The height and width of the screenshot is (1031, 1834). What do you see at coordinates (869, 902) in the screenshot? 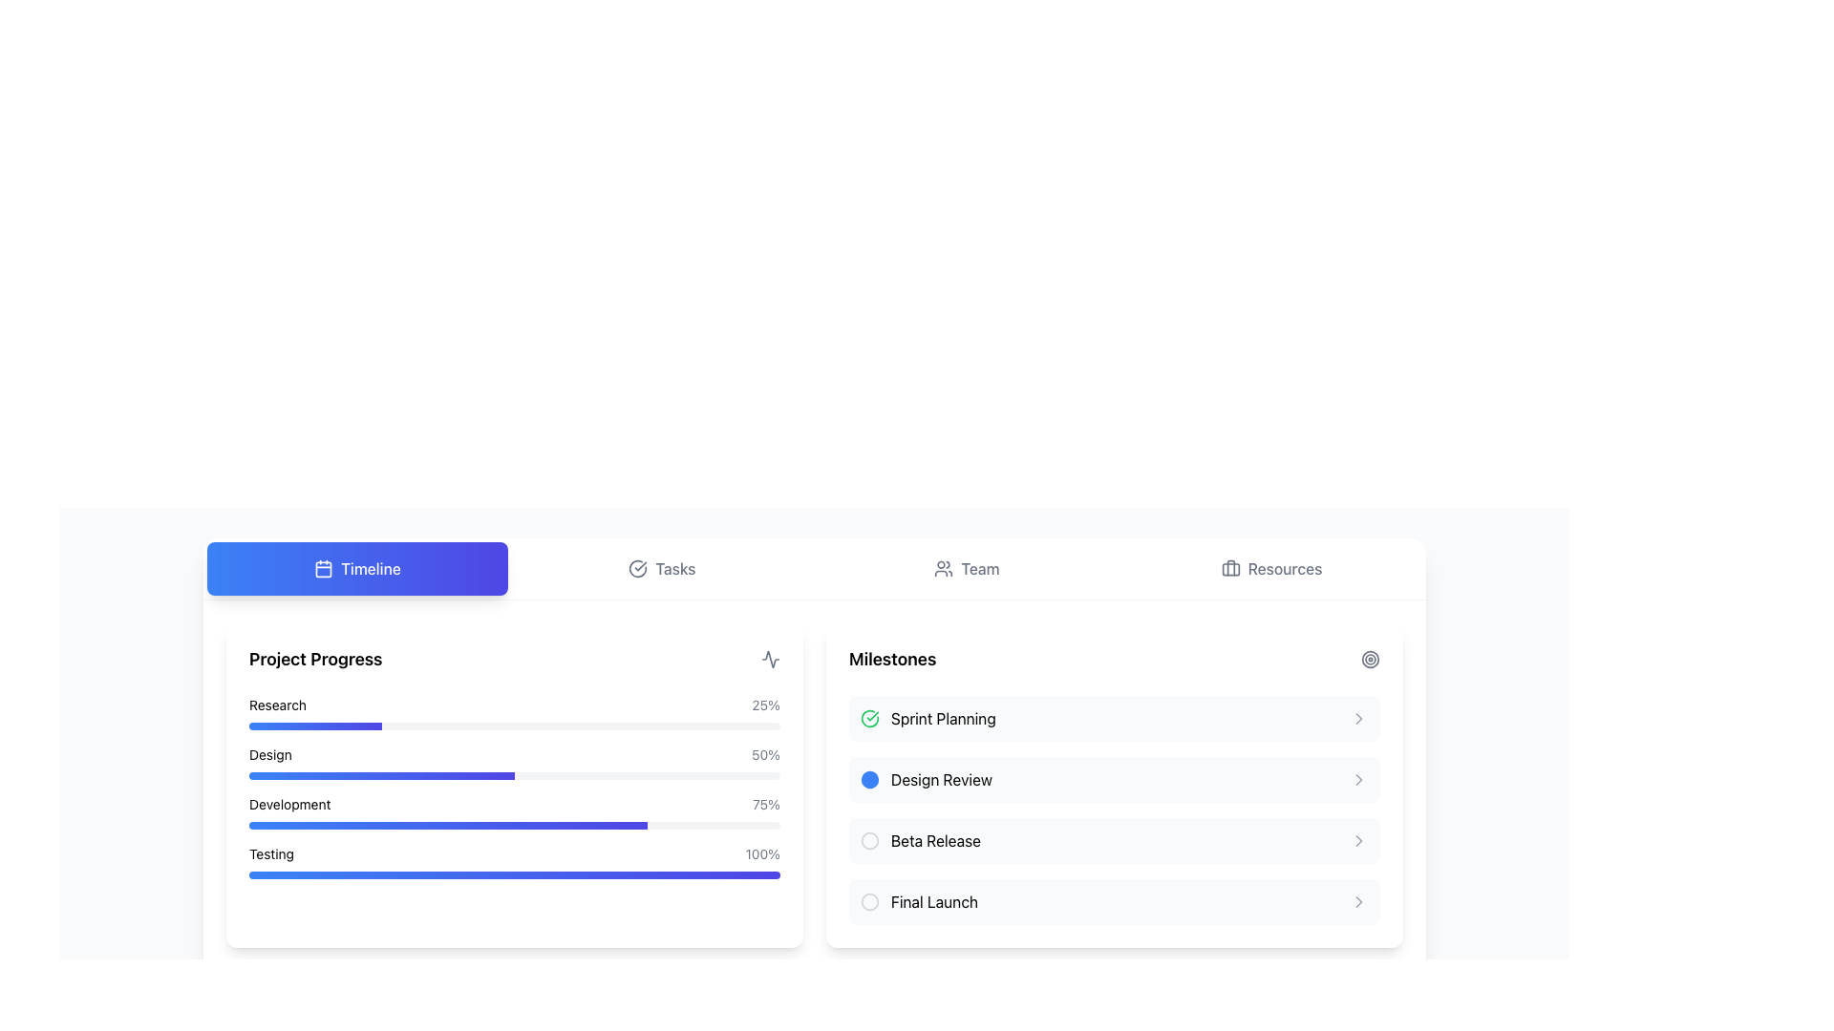
I see `the circular hollow light gray icon located to the left of the 'Final Launch' text in the Milestones section` at bounding box center [869, 902].